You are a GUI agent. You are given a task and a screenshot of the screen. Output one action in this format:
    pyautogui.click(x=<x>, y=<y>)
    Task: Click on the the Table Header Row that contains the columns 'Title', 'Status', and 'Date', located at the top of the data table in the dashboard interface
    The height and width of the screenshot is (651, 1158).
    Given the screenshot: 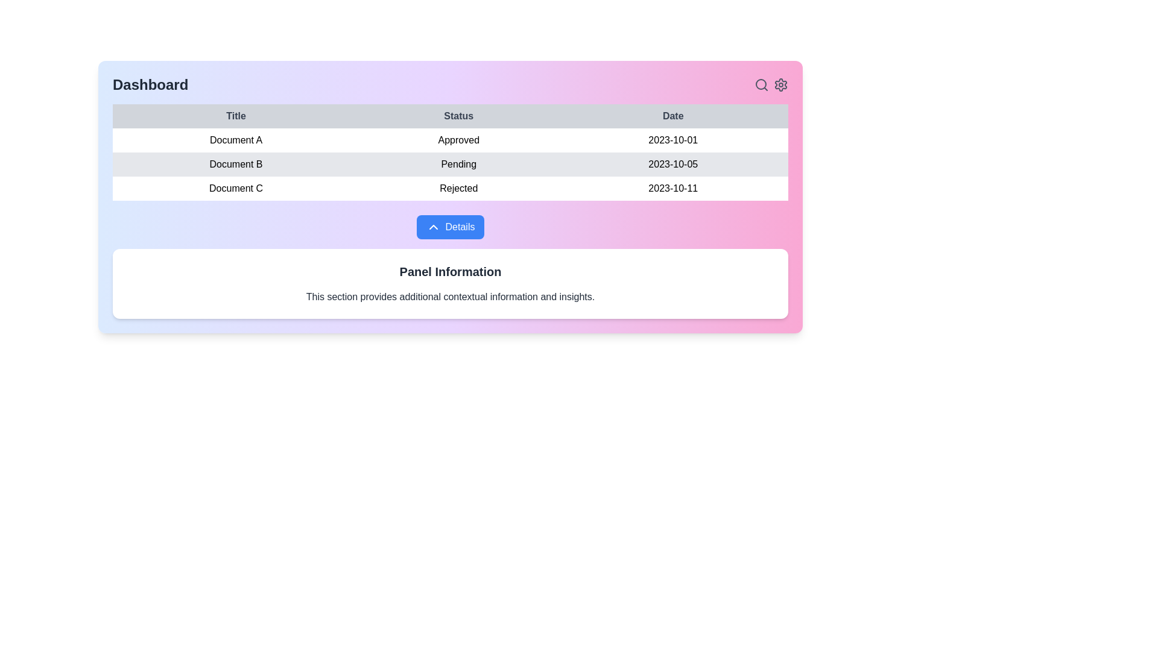 What is the action you would take?
    pyautogui.click(x=450, y=116)
    